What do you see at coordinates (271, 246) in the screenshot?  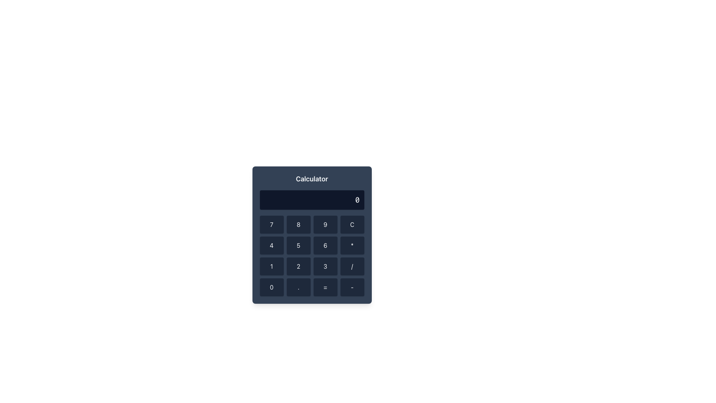 I see `the button labeled '4' which is located in the second row, first column of the calculator grid to input the number '4'` at bounding box center [271, 246].